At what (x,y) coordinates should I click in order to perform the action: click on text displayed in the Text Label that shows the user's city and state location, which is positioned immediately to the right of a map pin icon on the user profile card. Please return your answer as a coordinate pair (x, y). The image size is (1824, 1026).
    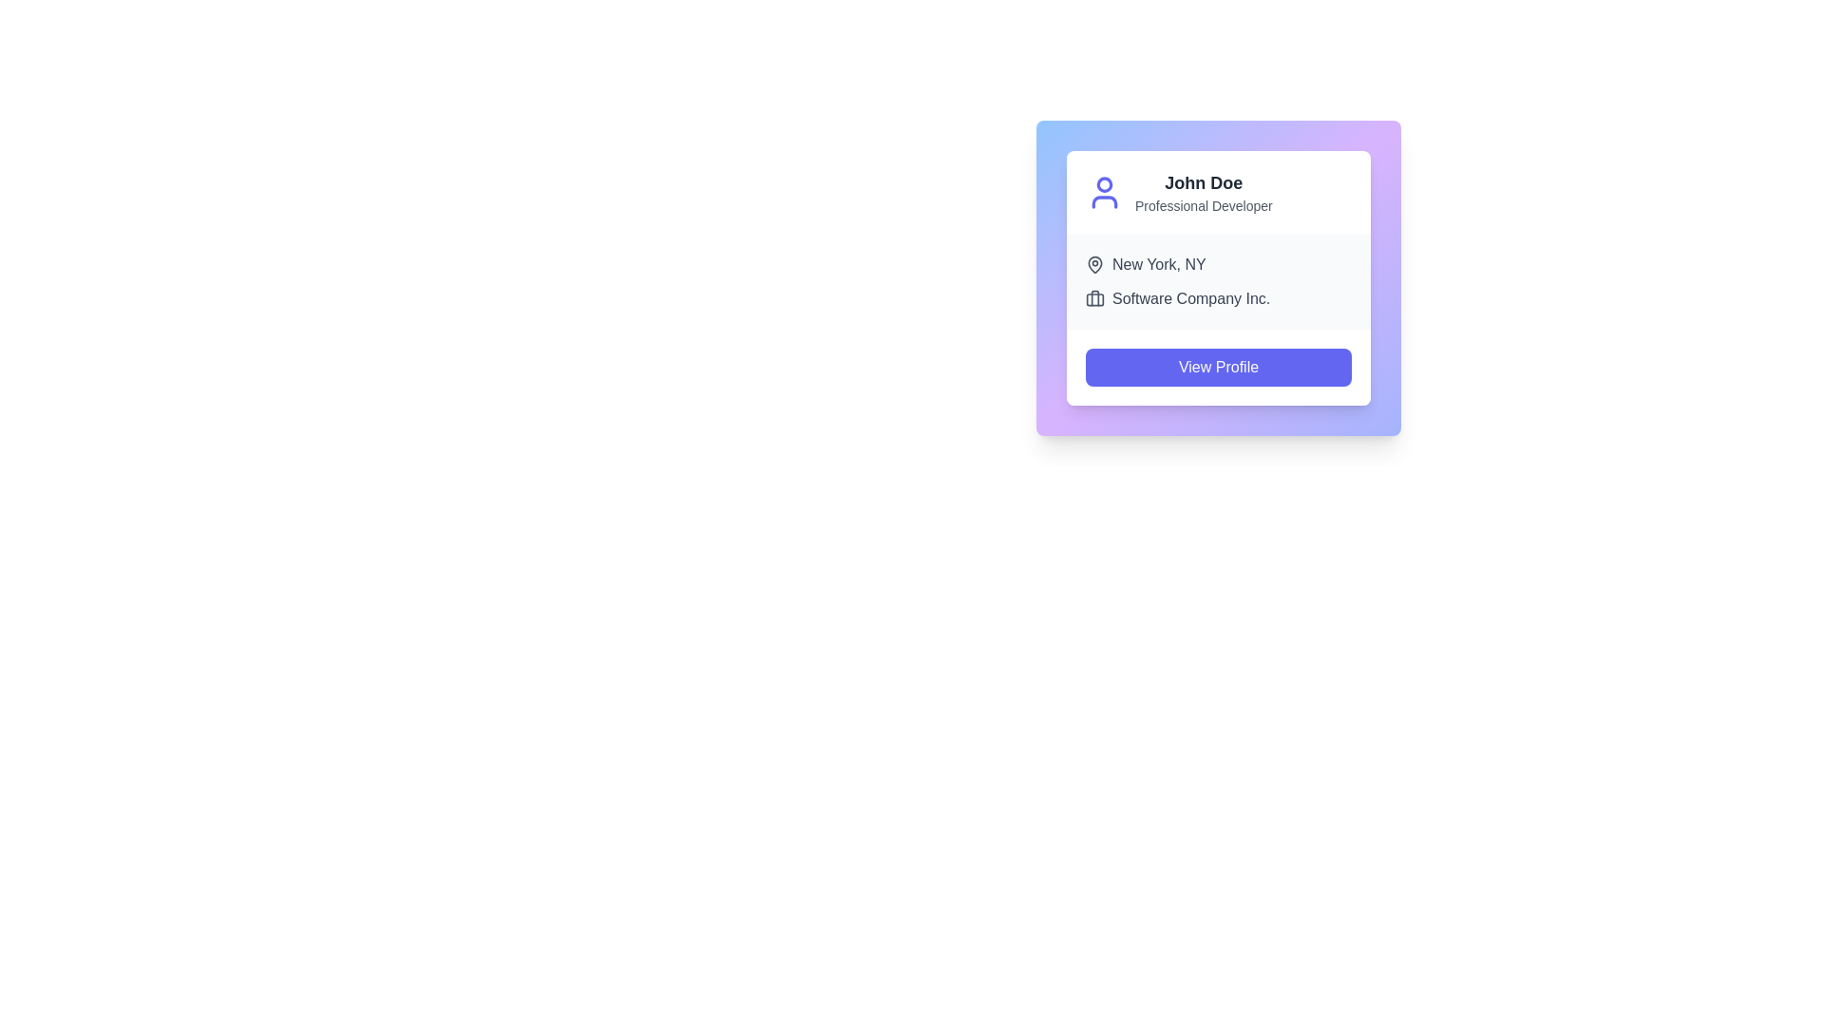
    Looking at the image, I should click on (1158, 264).